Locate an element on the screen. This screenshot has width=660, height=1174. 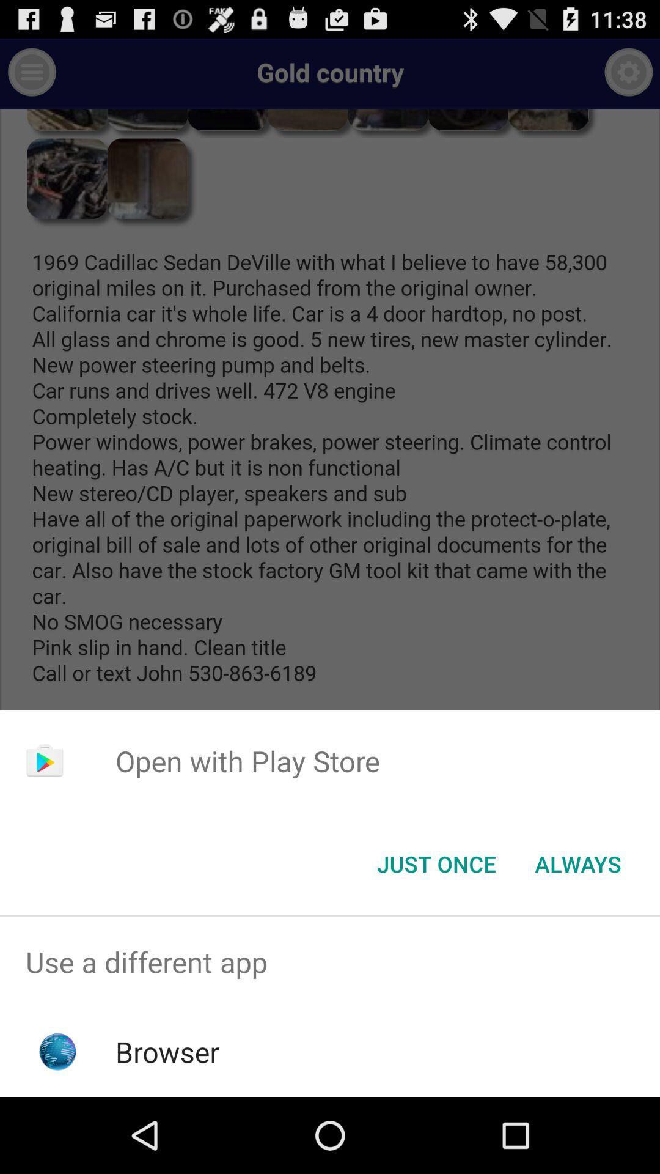
icon next to the just once button is located at coordinates (577, 863).